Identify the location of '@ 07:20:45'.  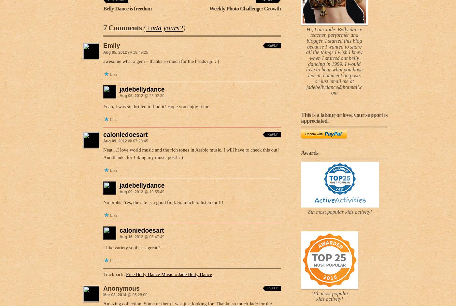
(137, 140).